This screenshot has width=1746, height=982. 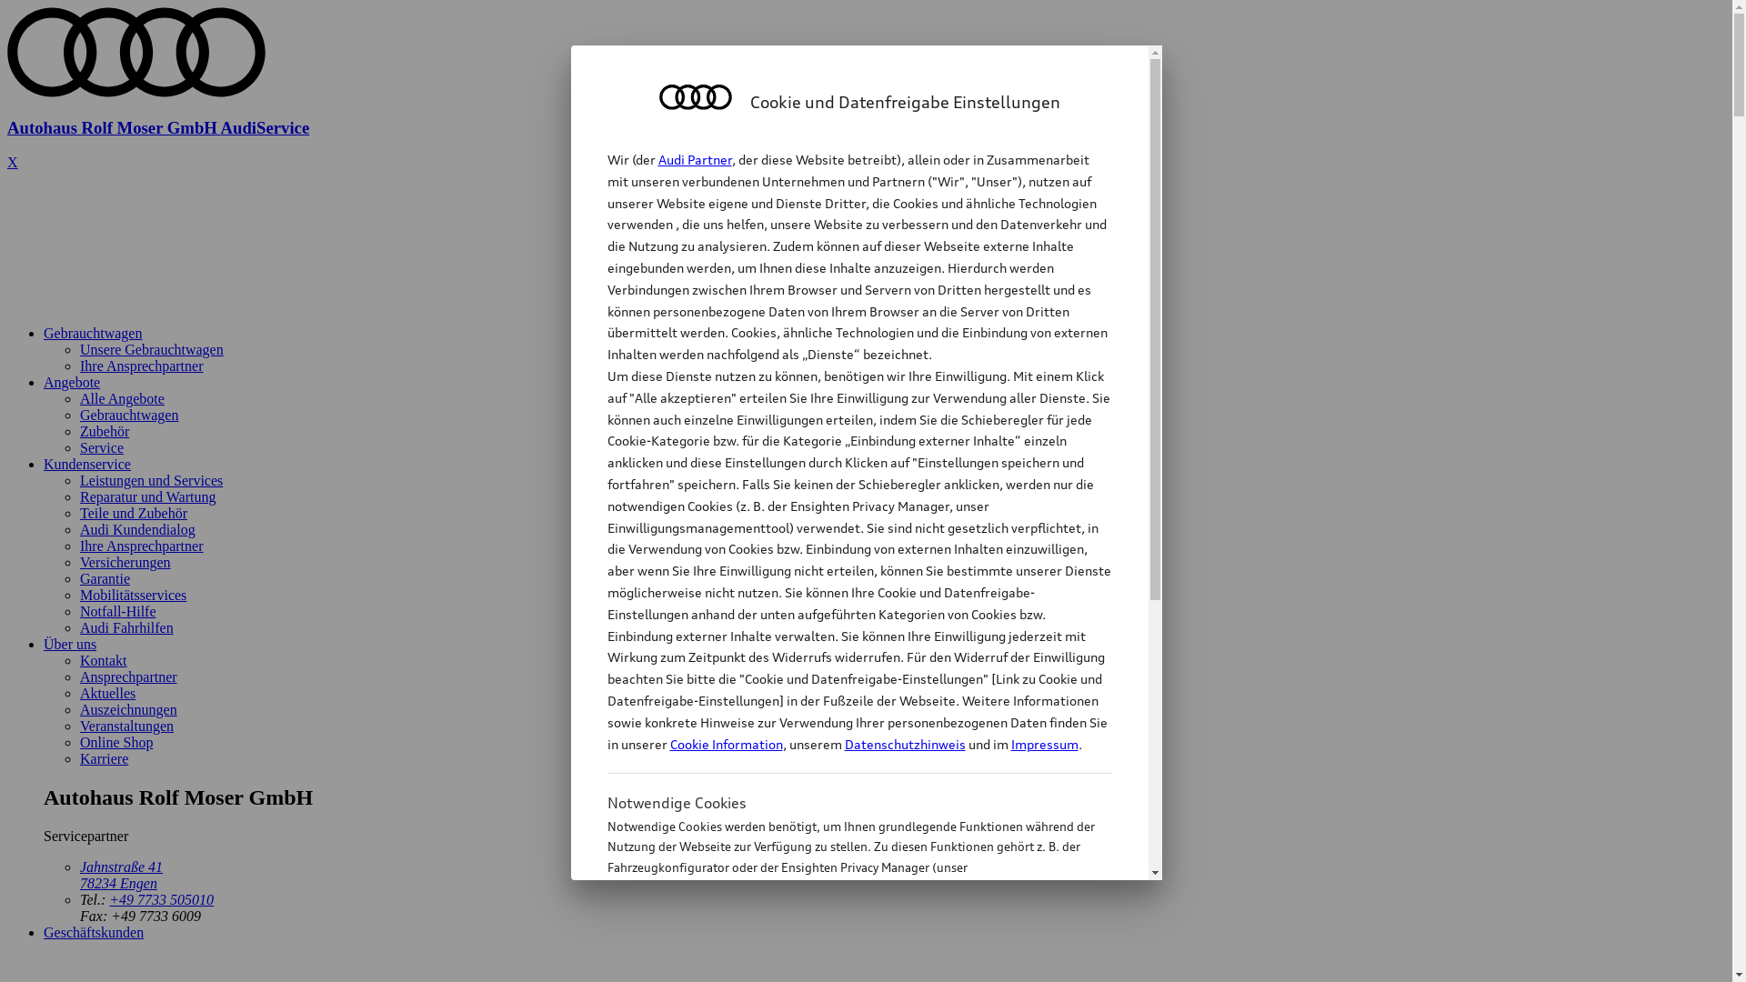 I want to click on 'Alle Angebote', so click(x=121, y=397).